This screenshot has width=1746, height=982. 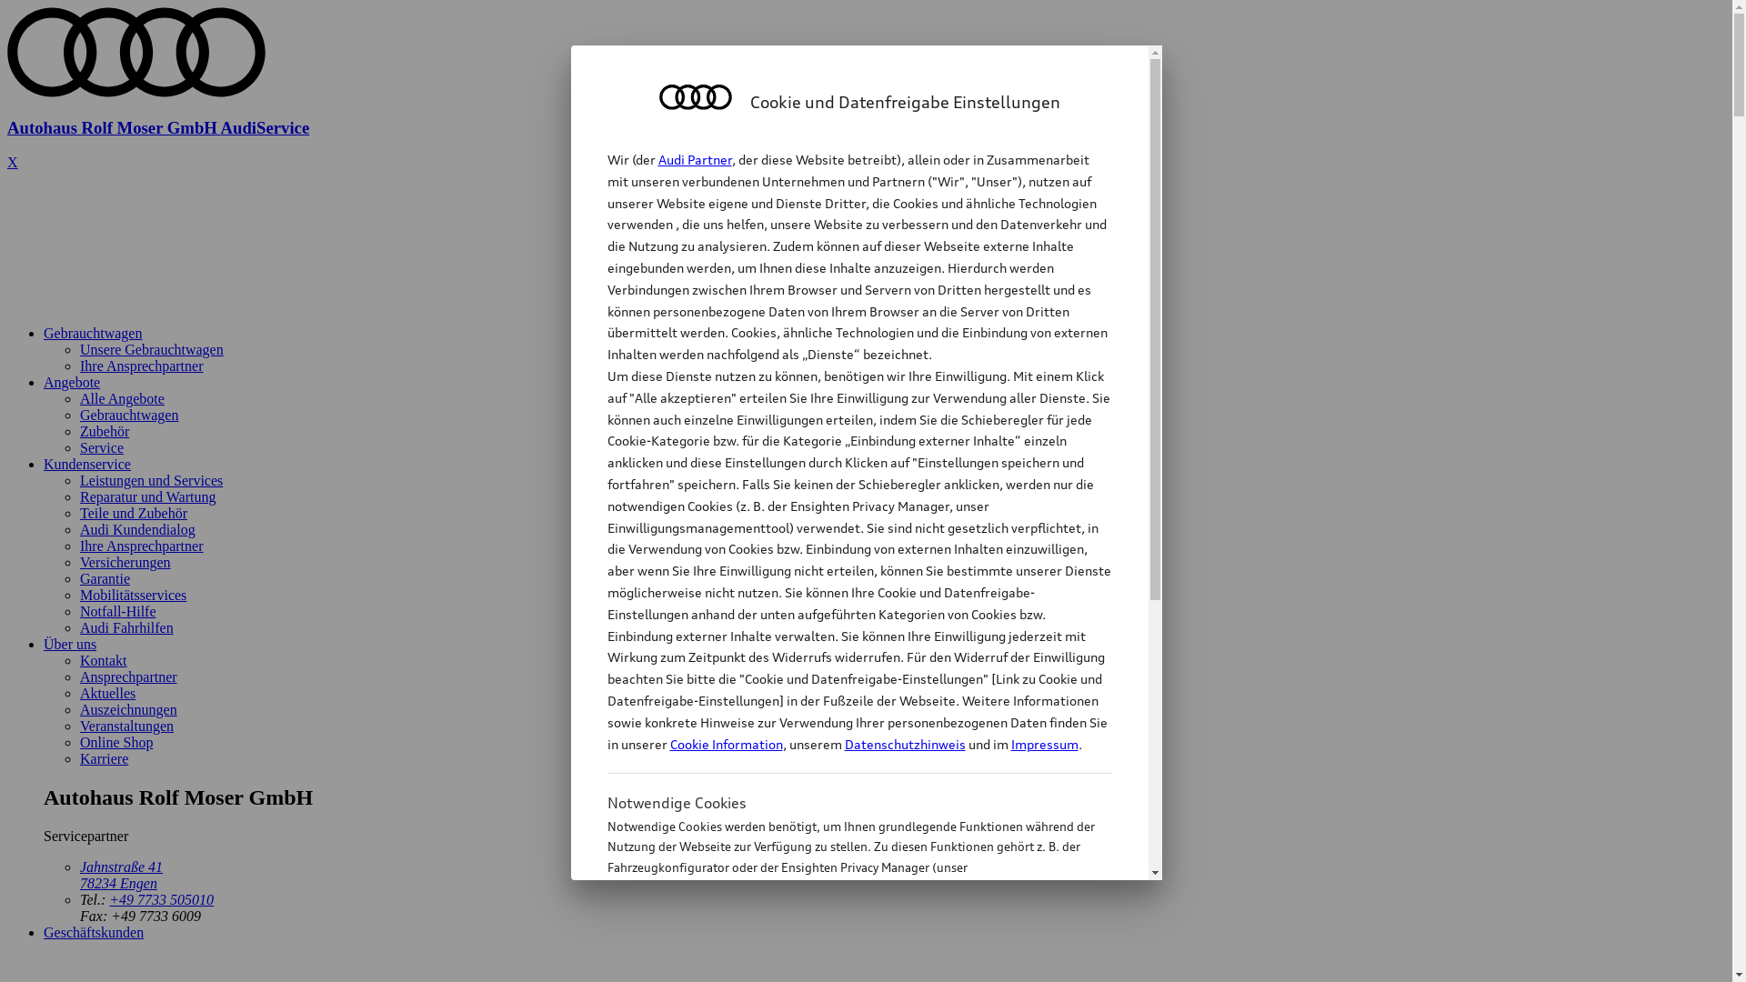 I want to click on 'Alle Angebote', so click(x=121, y=397).